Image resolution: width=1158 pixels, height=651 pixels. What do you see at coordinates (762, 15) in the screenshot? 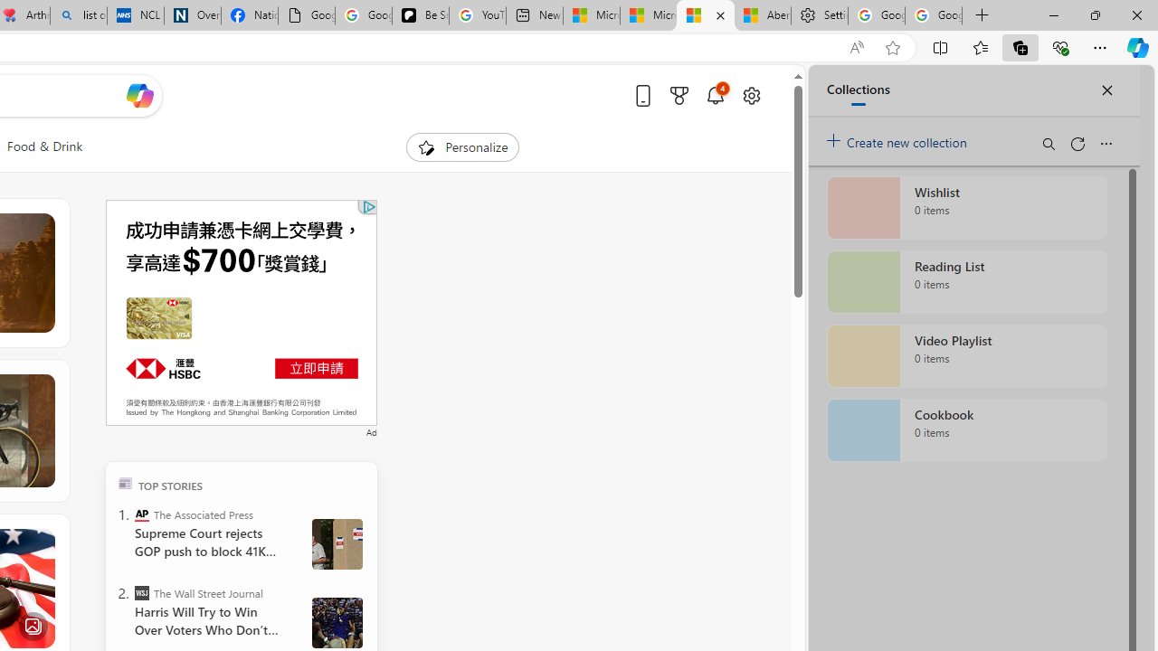
I see `'Aberdeen, Hong Kong SAR hourly forecast | Microsoft Weather'` at bounding box center [762, 15].